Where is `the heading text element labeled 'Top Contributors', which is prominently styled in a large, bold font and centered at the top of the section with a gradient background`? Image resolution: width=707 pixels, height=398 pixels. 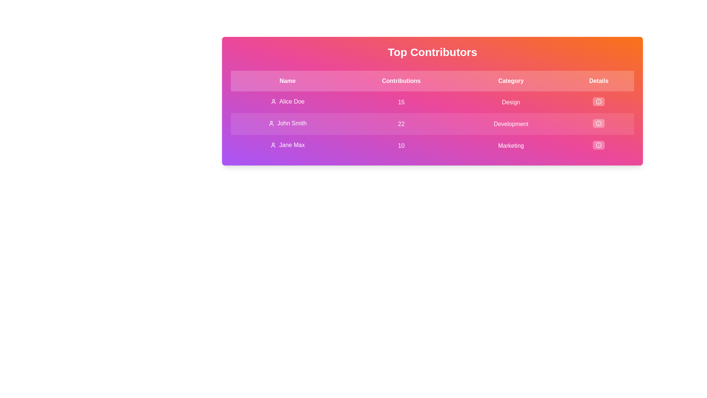 the heading text element labeled 'Top Contributors', which is prominently styled in a large, bold font and centered at the top of the section with a gradient background is located at coordinates (432, 52).